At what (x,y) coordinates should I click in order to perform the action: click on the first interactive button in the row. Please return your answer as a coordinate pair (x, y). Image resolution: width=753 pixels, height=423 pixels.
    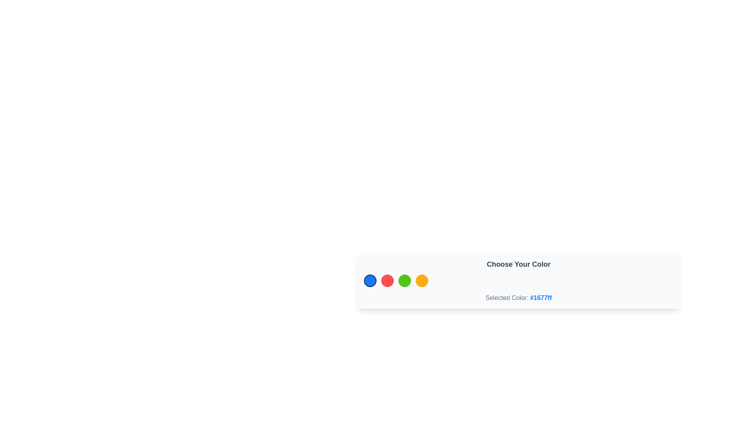
    Looking at the image, I should click on (370, 280).